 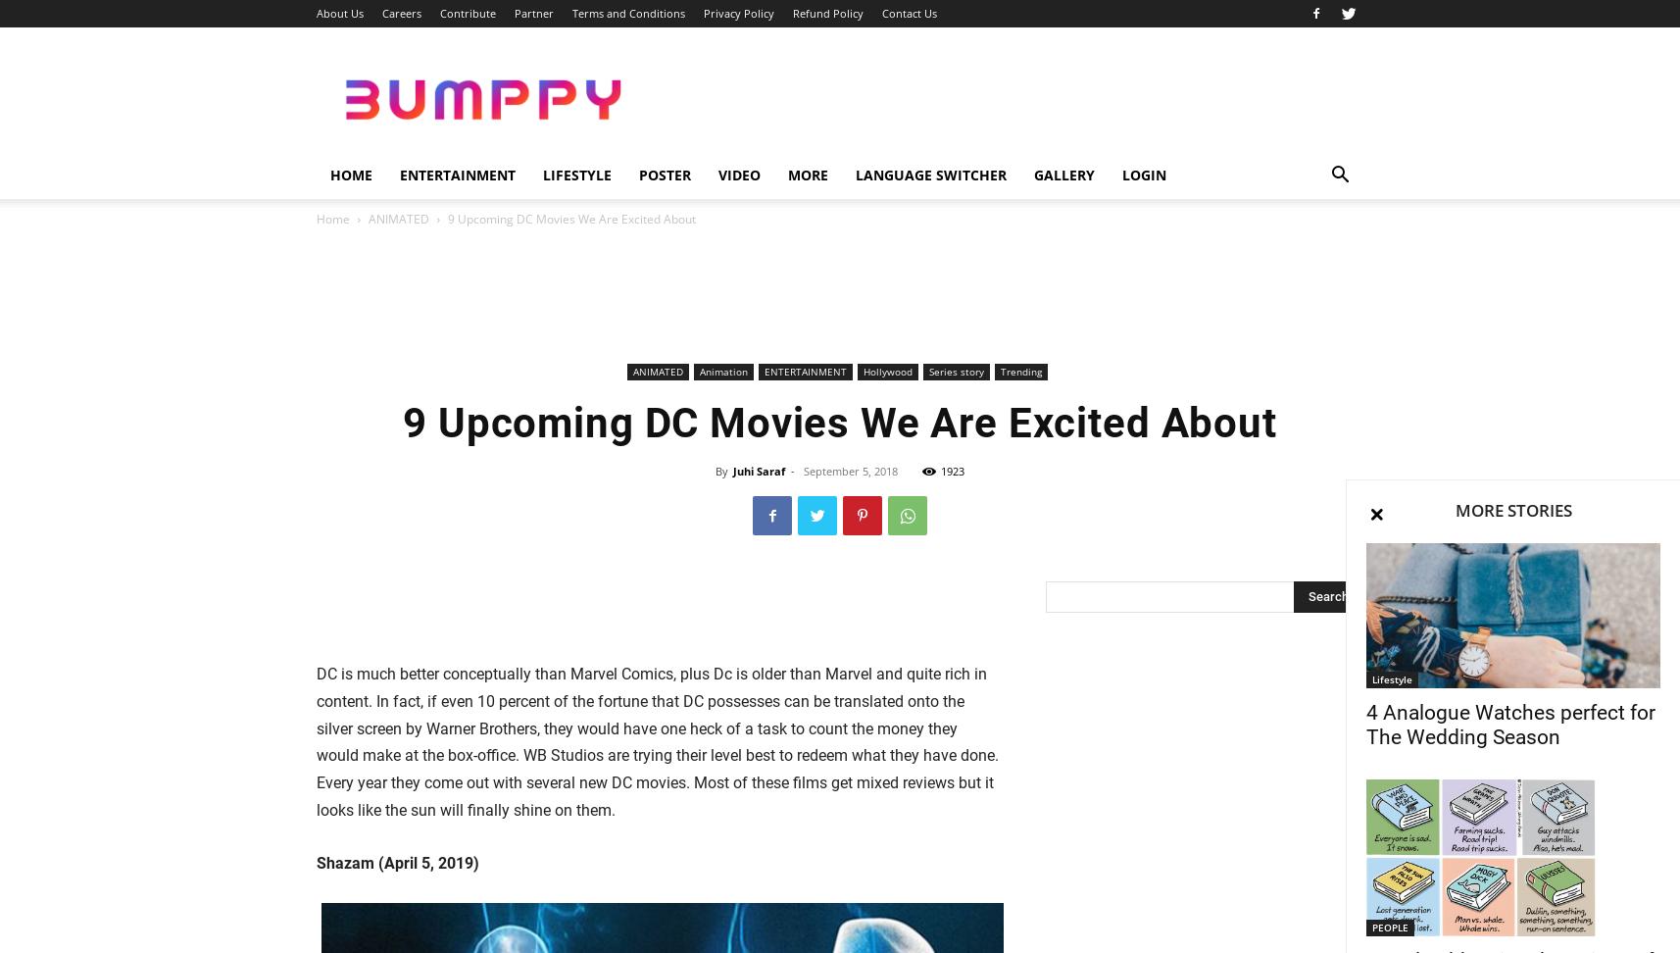 What do you see at coordinates (862, 371) in the screenshot?
I see `'Hollywood'` at bounding box center [862, 371].